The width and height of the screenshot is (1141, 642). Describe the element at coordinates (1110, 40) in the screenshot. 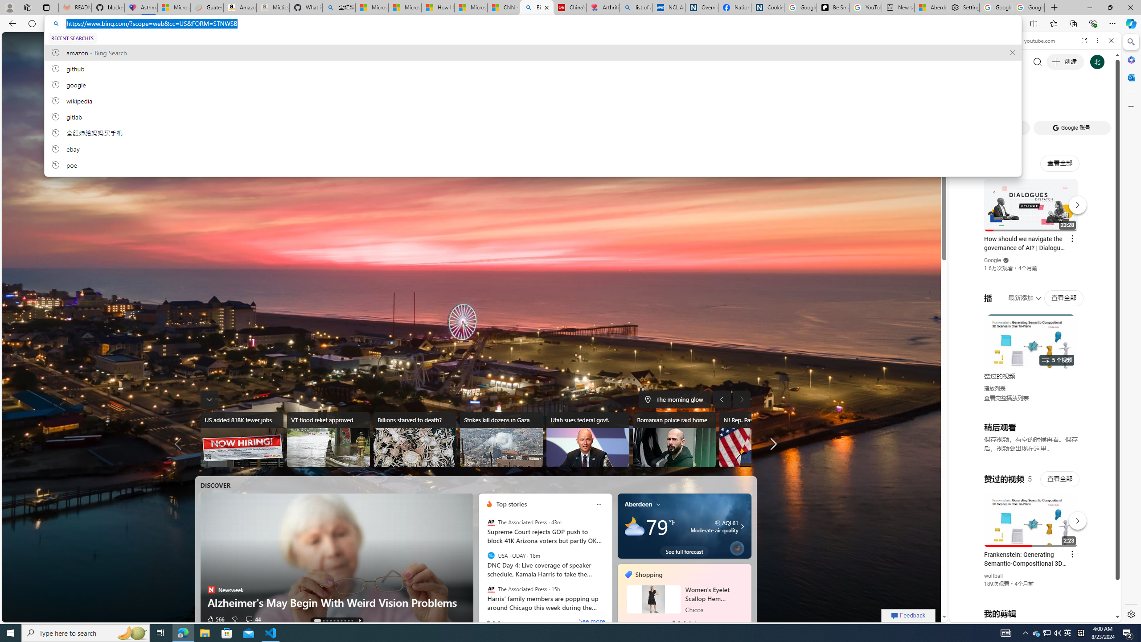

I see `'Close'` at that location.